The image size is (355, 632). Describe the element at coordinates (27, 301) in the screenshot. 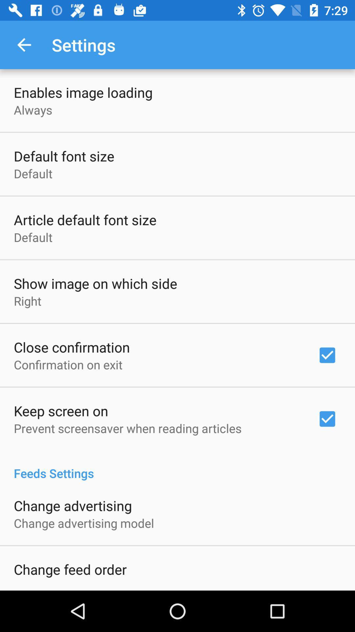

I see `right item` at that location.